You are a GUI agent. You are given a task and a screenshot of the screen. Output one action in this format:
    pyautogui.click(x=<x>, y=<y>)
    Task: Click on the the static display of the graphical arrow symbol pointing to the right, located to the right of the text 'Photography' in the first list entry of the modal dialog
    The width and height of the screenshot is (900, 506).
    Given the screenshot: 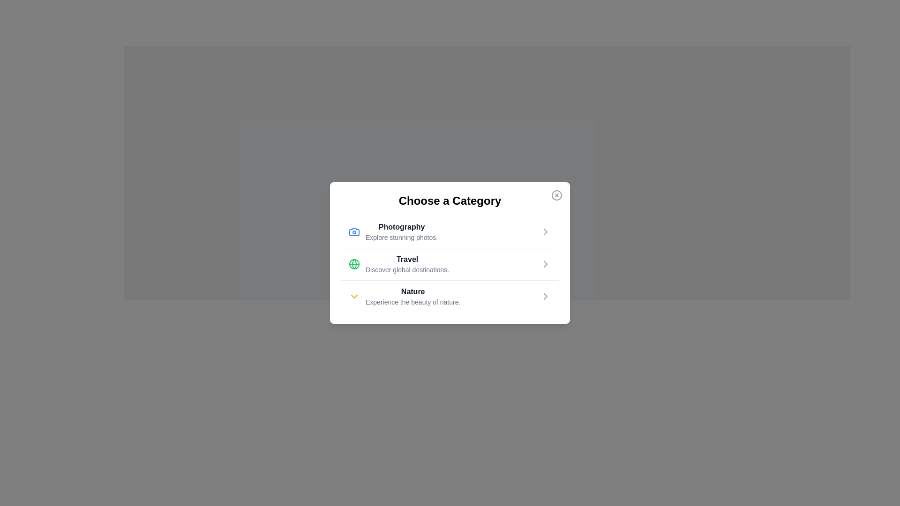 What is the action you would take?
    pyautogui.click(x=545, y=231)
    